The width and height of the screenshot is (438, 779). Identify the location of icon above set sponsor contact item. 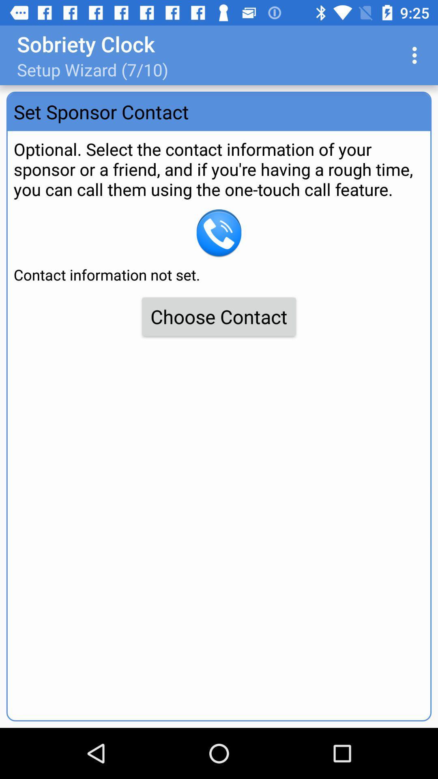
(417, 55).